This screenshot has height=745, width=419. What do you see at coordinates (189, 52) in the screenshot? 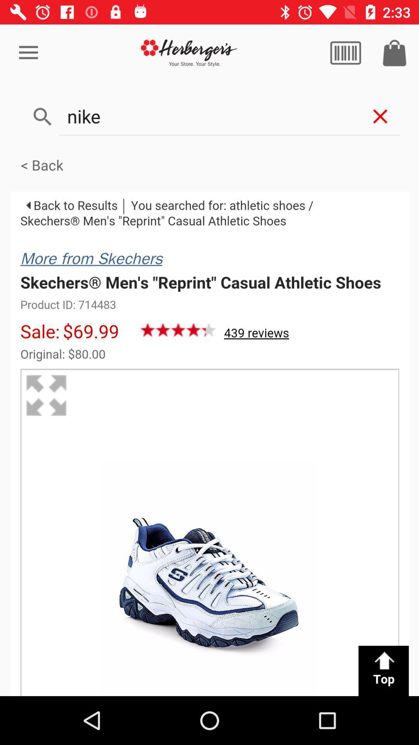
I see `homepage` at bounding box center [189, 52].